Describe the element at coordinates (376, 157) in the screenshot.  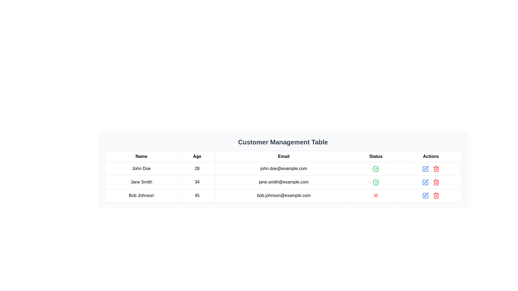
I see `the 'Status' text label in the fourth column of the table header, which is displayed in bold, black sans-serif font` at that location.